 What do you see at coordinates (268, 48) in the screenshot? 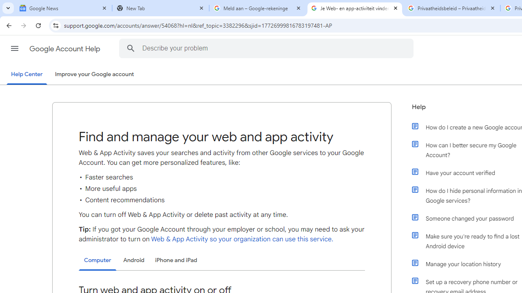
I see `'Describe your problem'` at bounding box center [268, 48].